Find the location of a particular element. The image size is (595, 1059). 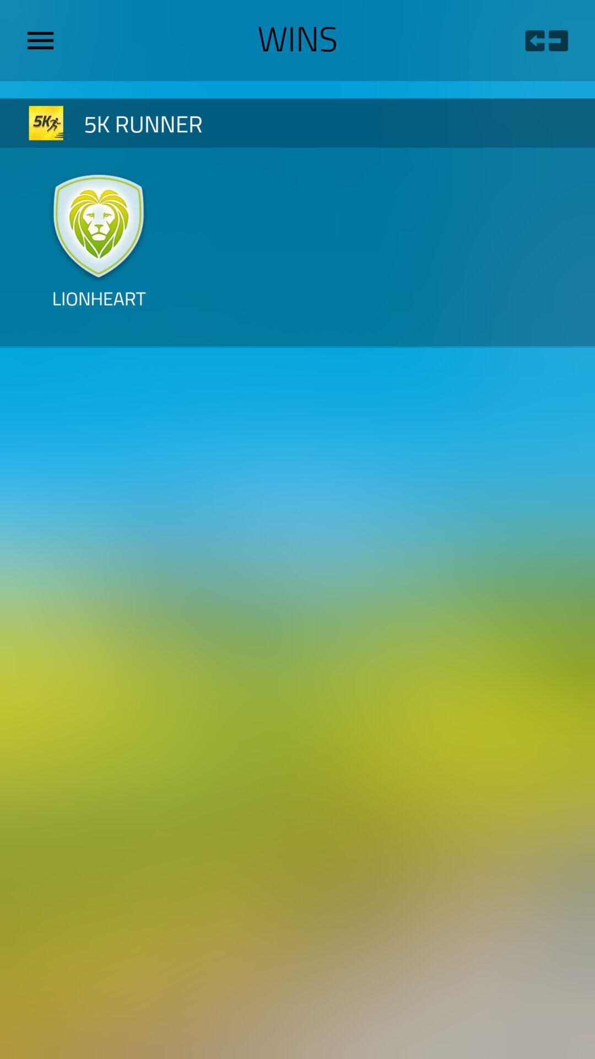

item next to wins icon is located at coordinates (546, 40).